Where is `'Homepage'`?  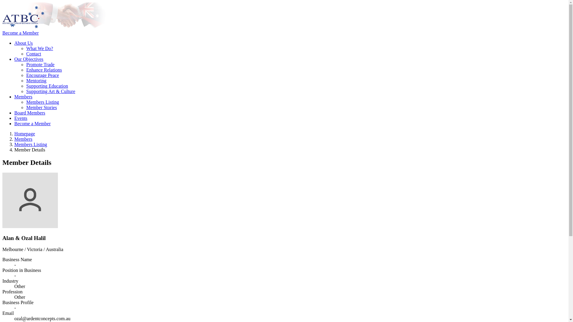
'Homepage' is located at coordinates (24, 133).